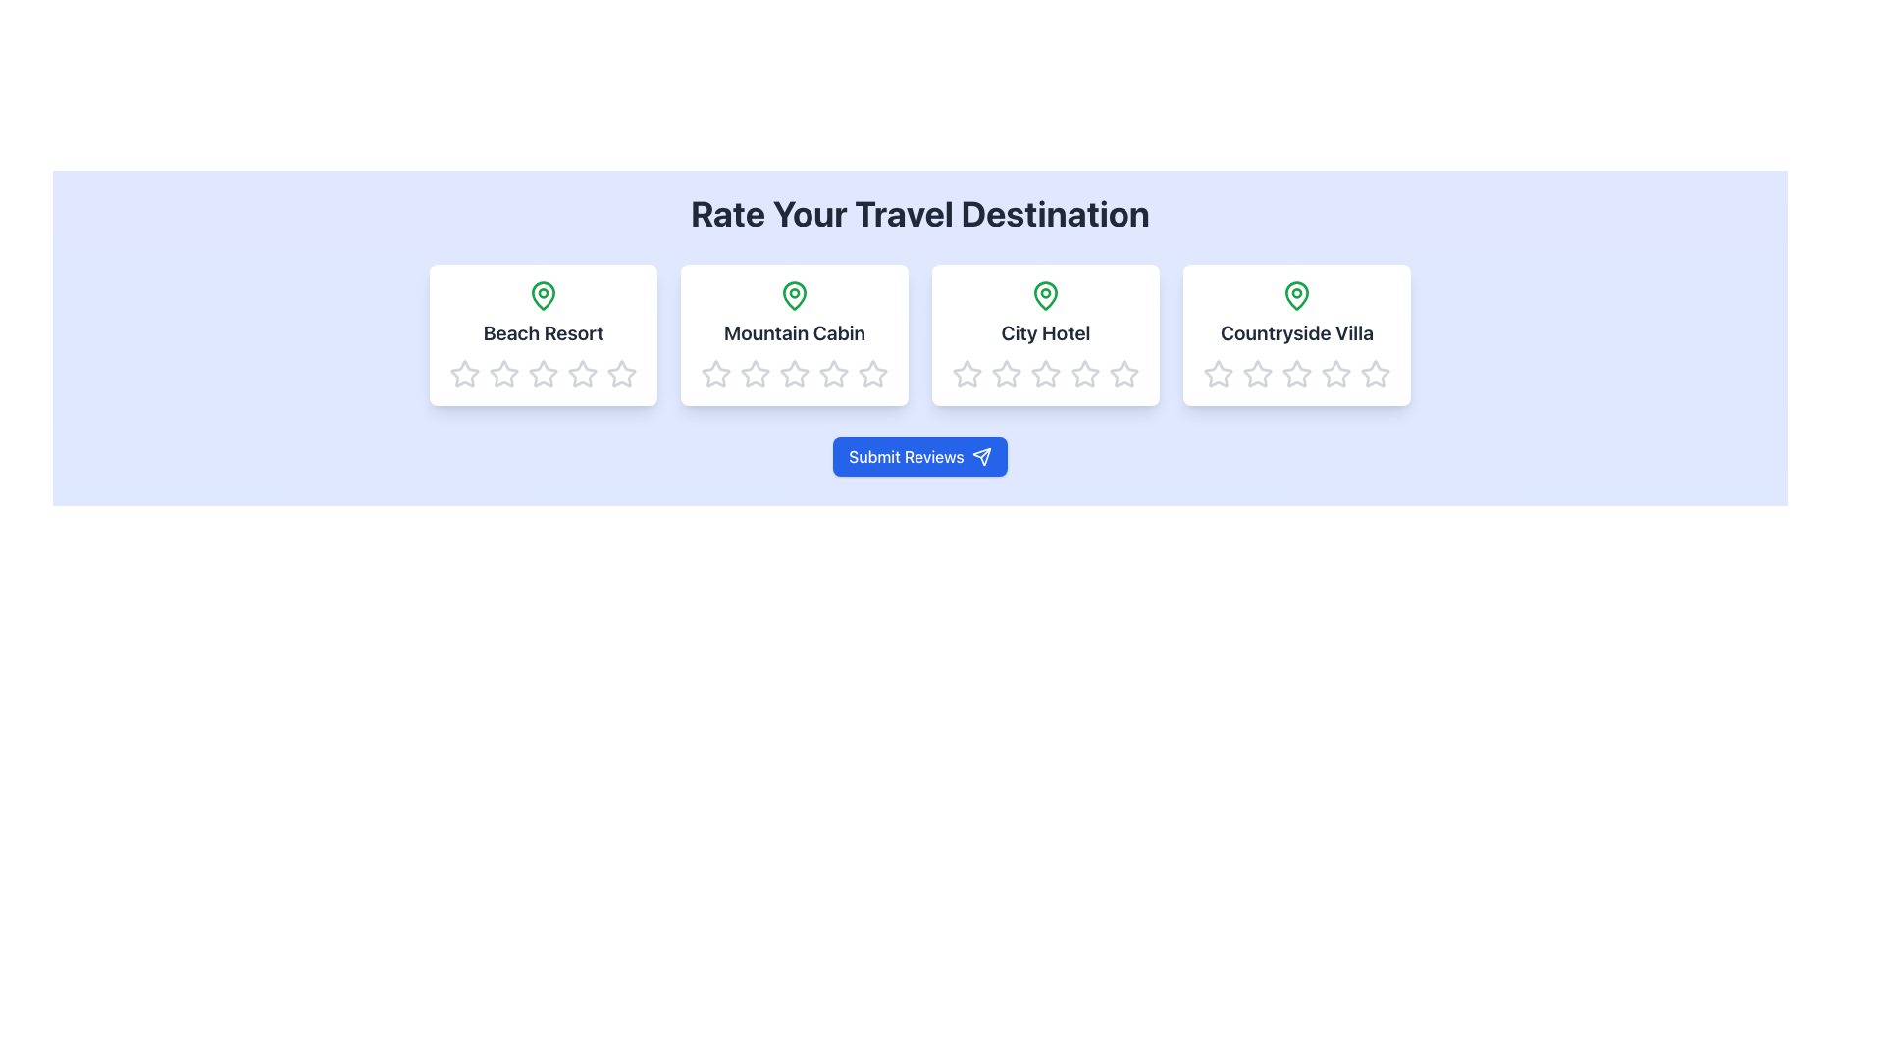  I want to click on the first star-shaped icon in the five-star rating system under the 'City Hotel' card, so click(1125, 374).